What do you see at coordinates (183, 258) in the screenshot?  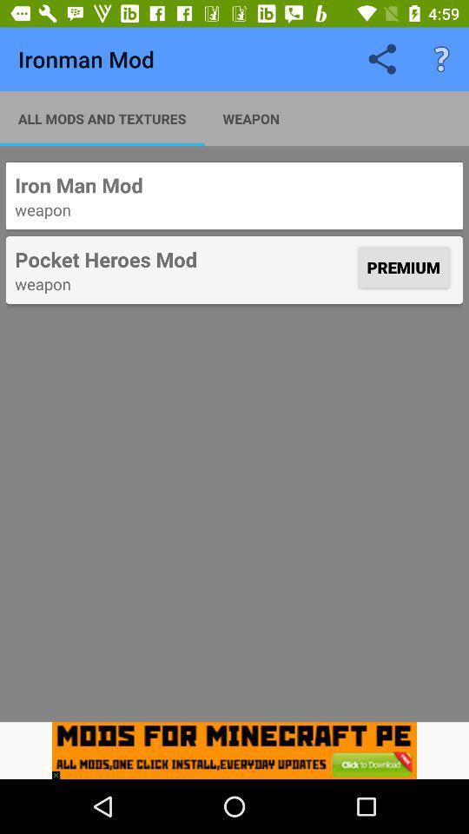 I see `item below weapon icon` at bounding box center [183, 258].